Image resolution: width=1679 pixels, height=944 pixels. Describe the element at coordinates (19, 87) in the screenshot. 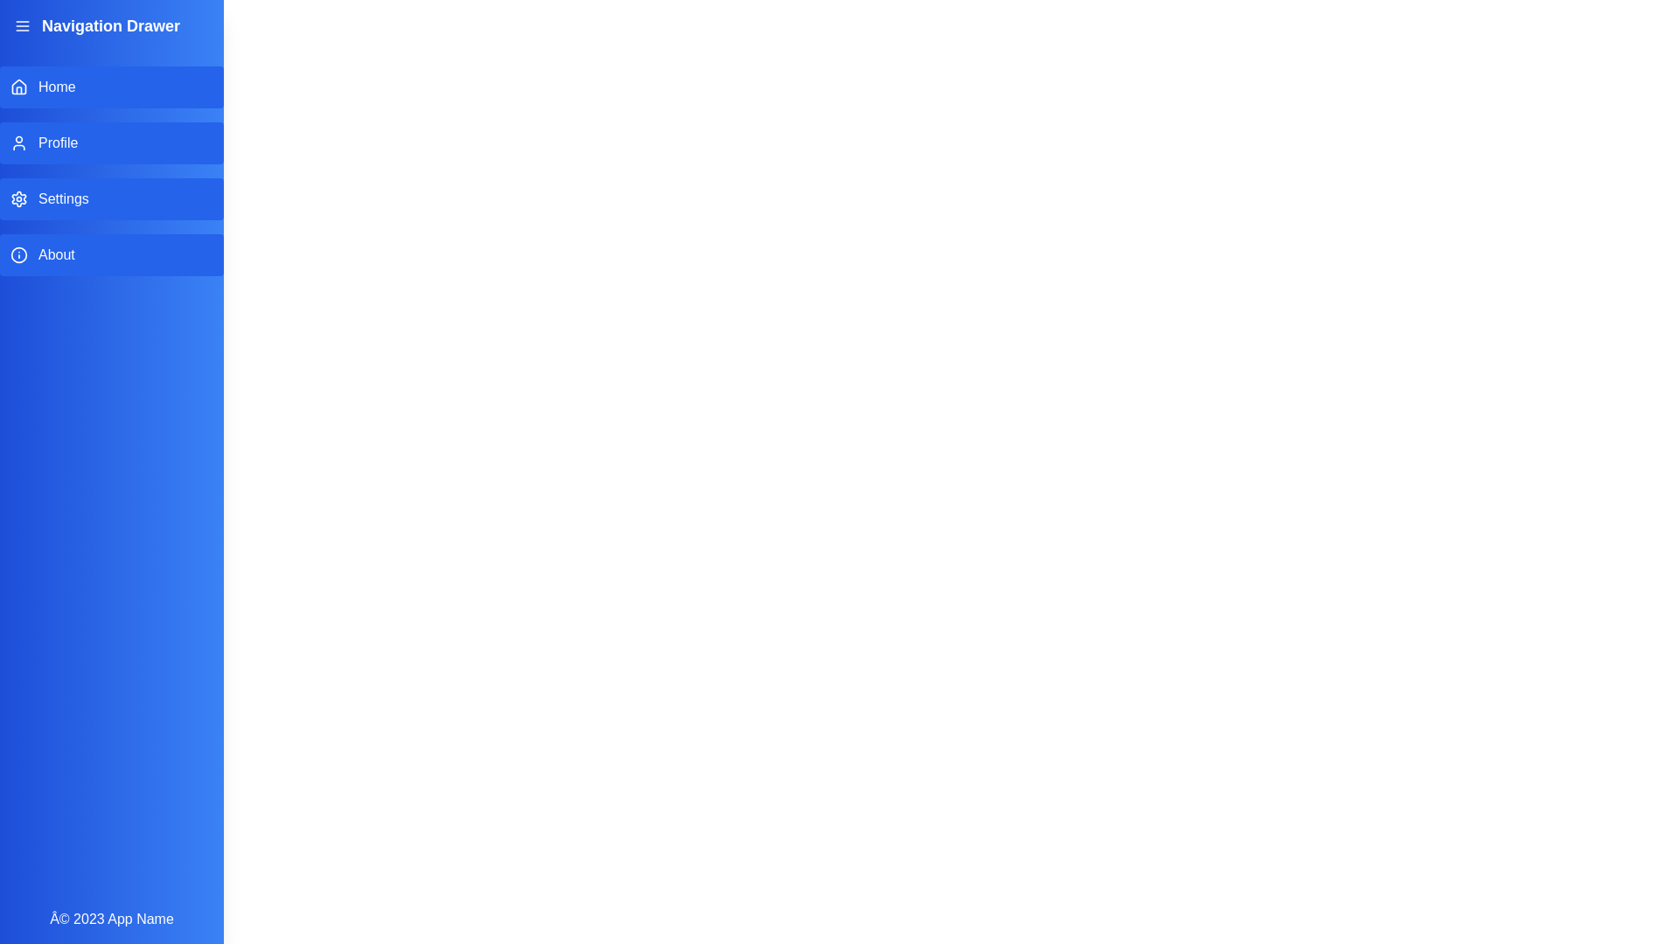

I see `the home icon SVG element located in the navigation drawer adjacent to the 'Home' label` at that location.